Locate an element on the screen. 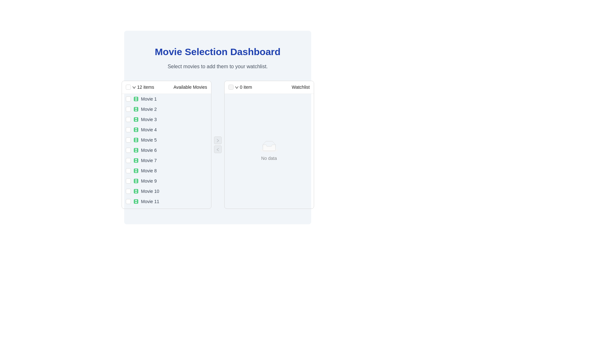 This screenshot has height=346, width=616. the interactive control panel located centrally under the 'Movie Selection Dashboard' title to transfer items between the Available Movies and Watchlist sections is located at coordinates (218, 144).